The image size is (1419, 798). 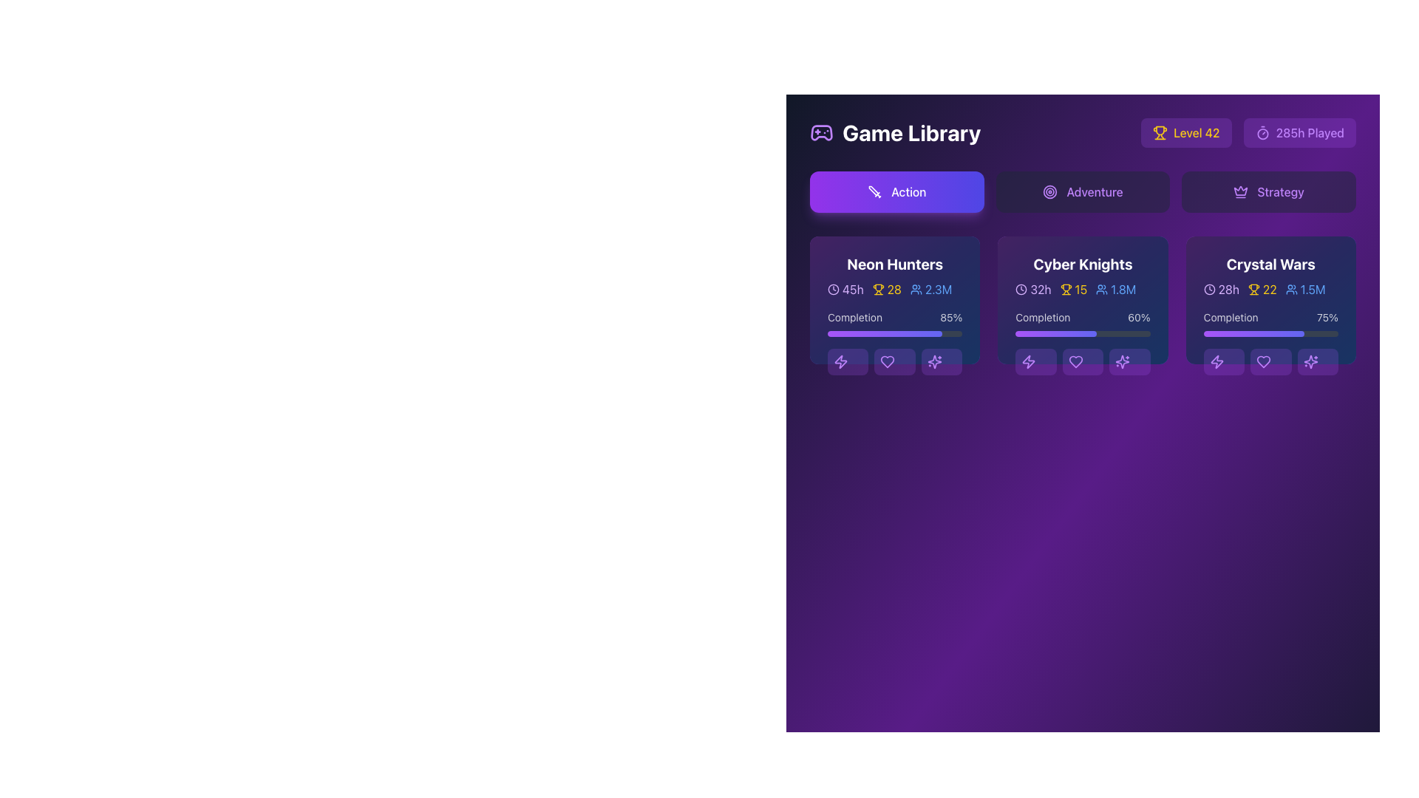 I want to click on the icon representing the user's level or achievement, located to the left of the 'Level 42' button in the top-right corner of the interface, so click(x=1160, y=133).